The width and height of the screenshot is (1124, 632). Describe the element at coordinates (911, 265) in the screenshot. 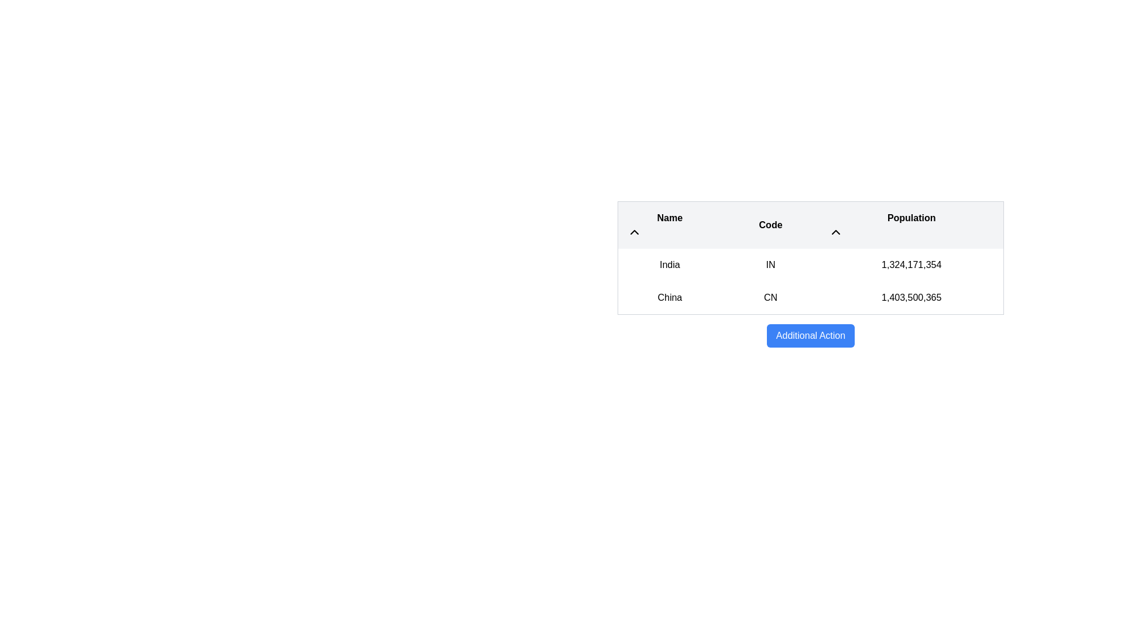

I see `the static informational text displaying the numeric value '1,324,171,354' in the 'Population' column of the first row, which is adjacent to the 'Code' column containing 'IN' and part of the row for 'India'` at that location.